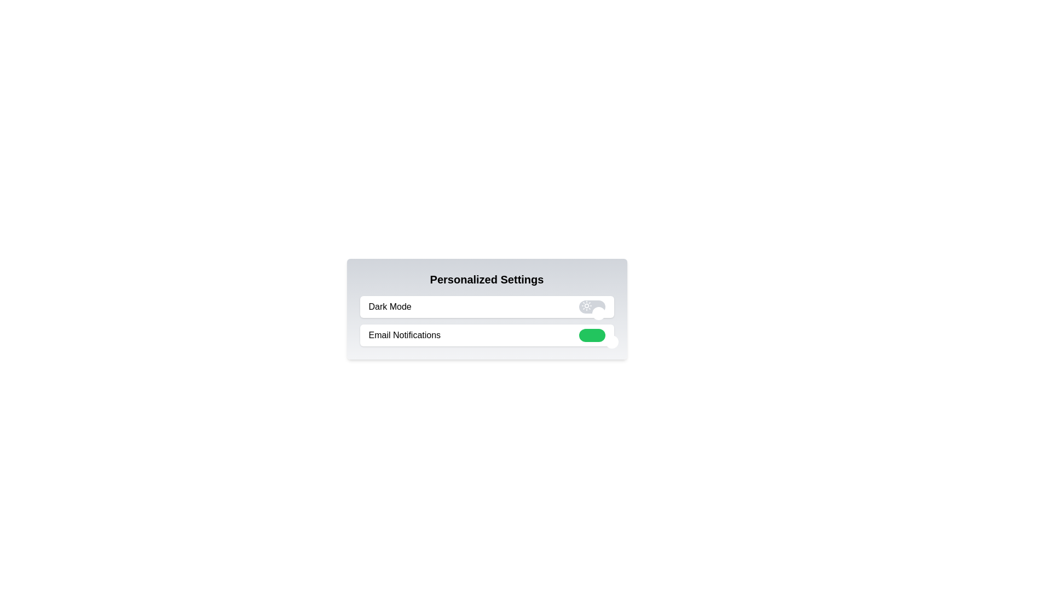 This screenshot has height=591, width=1051. Describe the element at coordinates (591, 306) in the screenshot. I see `the 'Dark Mode' toggle switch to change its state` at that location.